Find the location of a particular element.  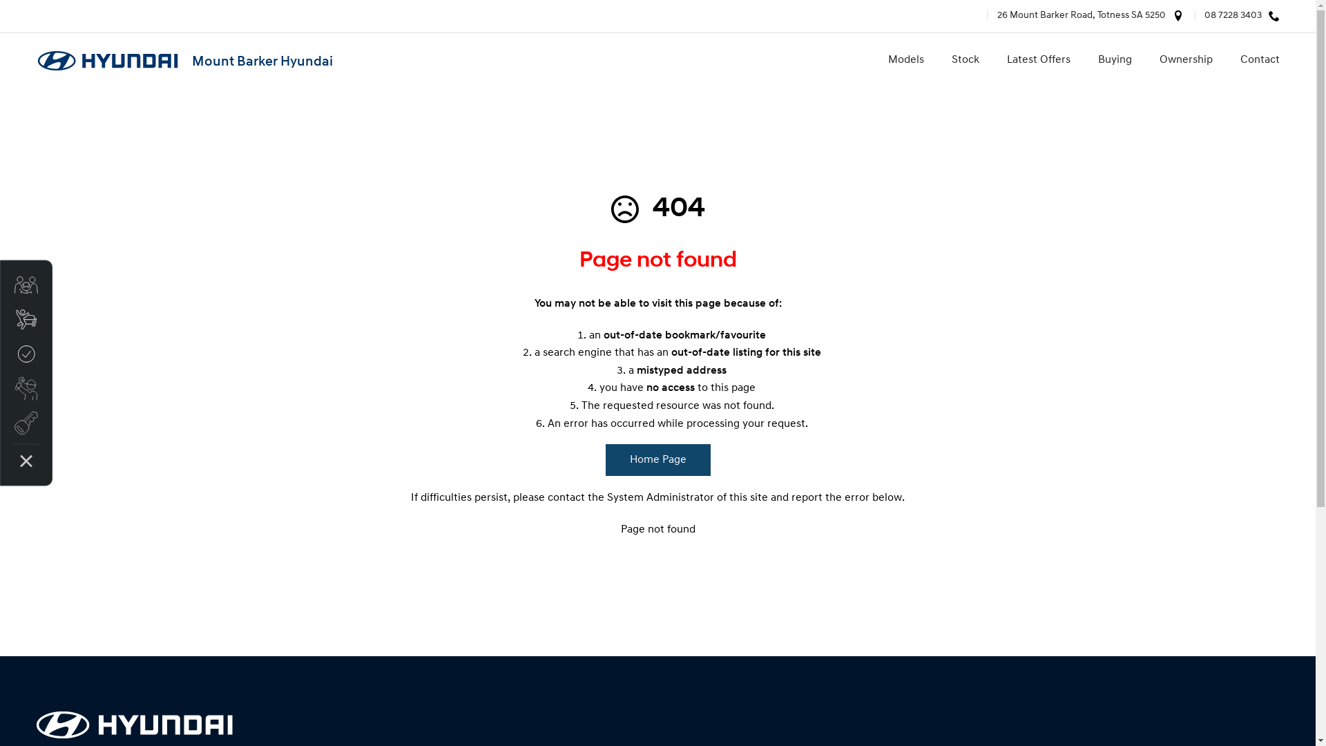

'Buying' is located at coordinates (1083, 60).